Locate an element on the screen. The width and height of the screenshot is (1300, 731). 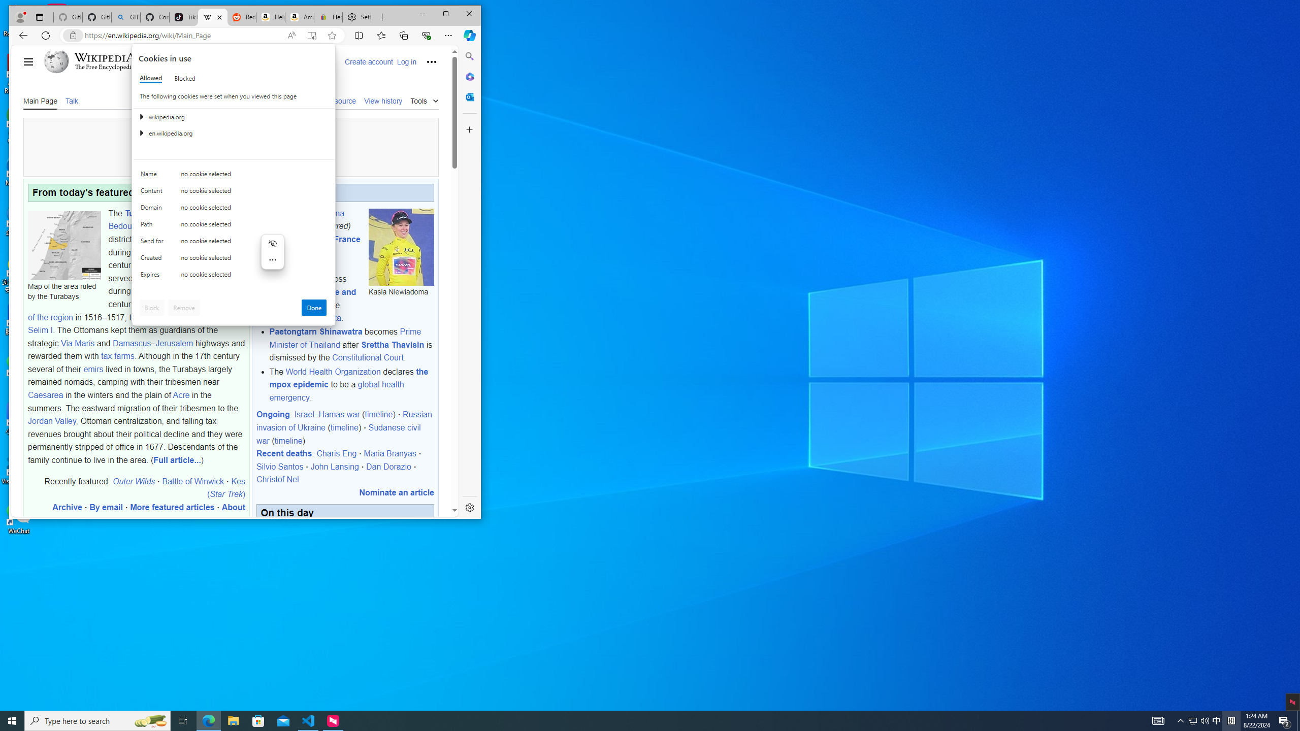
'Tray Input Indicator - Chinese (Simplified, China)' is located at coordinates (1192, 720).